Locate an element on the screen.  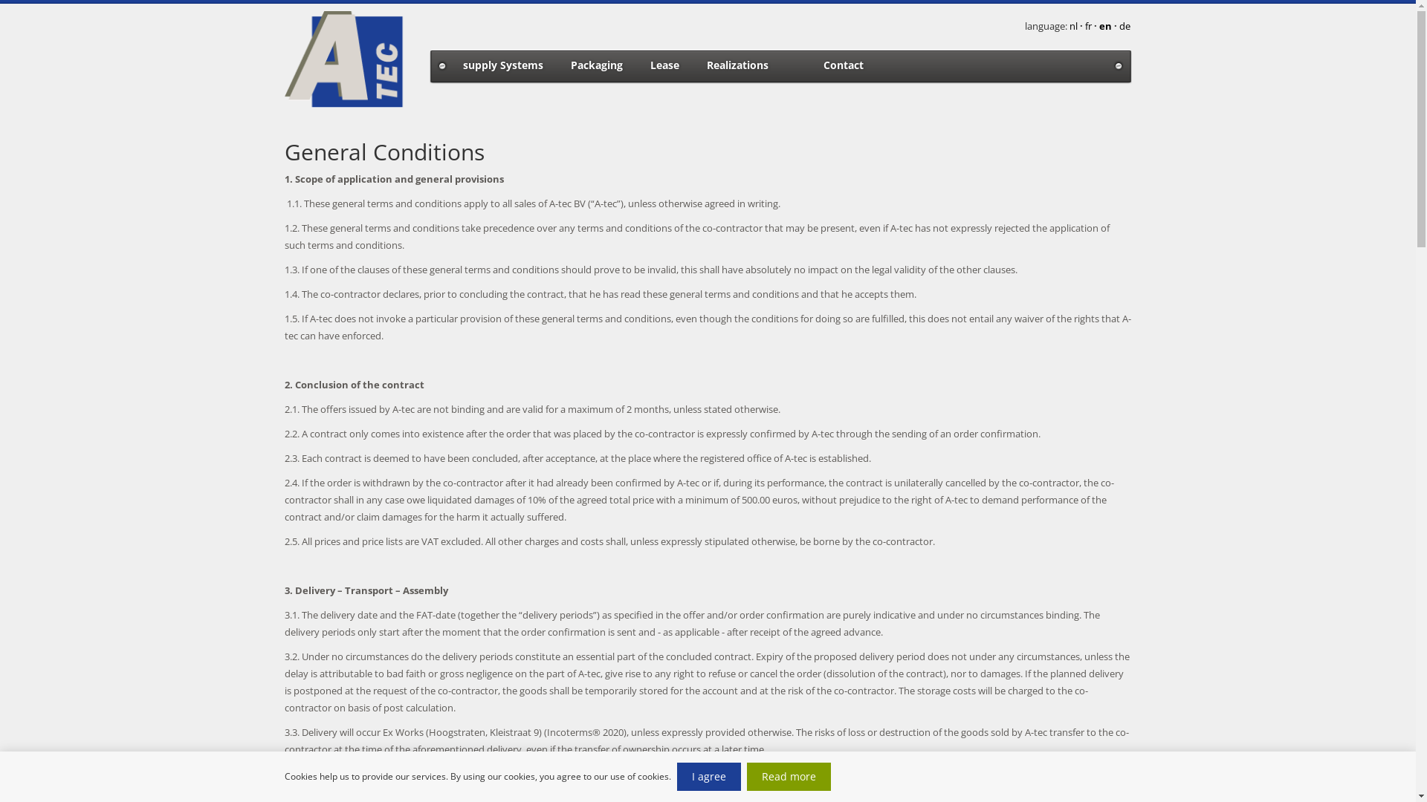
'@ name company logo' is located at coordinates (284, 58).